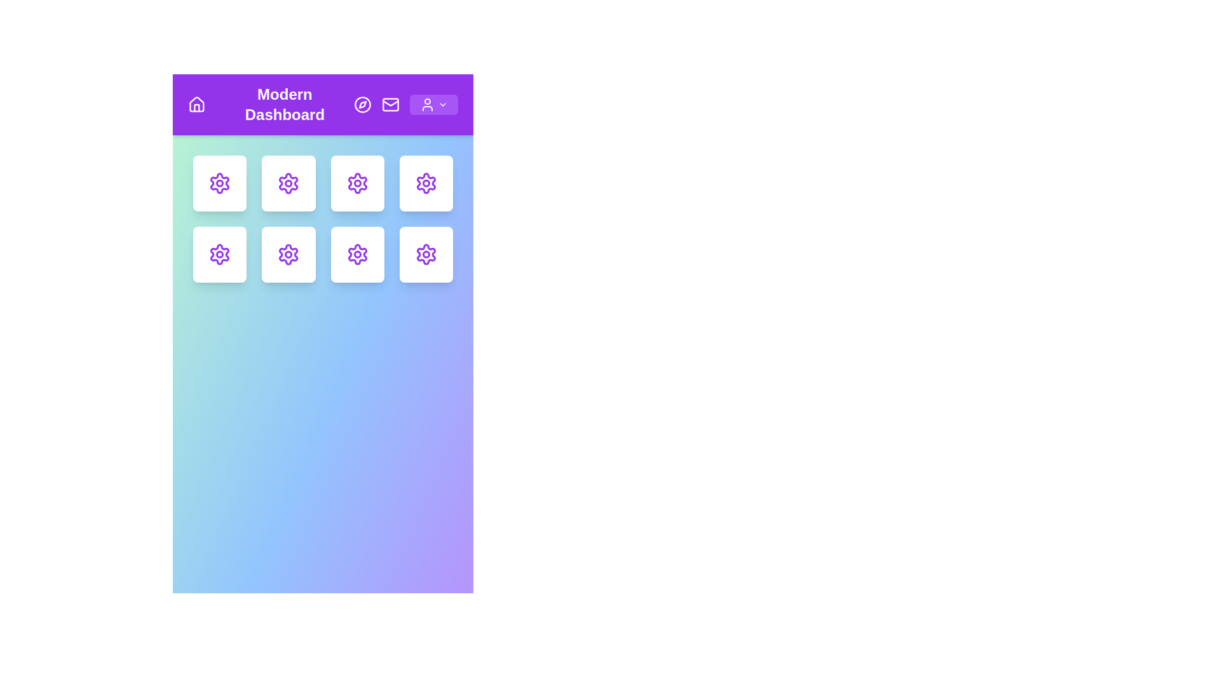 Image resolution: width=1220 pixels, height=686 pixels. I want to click on the Mail navigation icon, so click(390, 104).